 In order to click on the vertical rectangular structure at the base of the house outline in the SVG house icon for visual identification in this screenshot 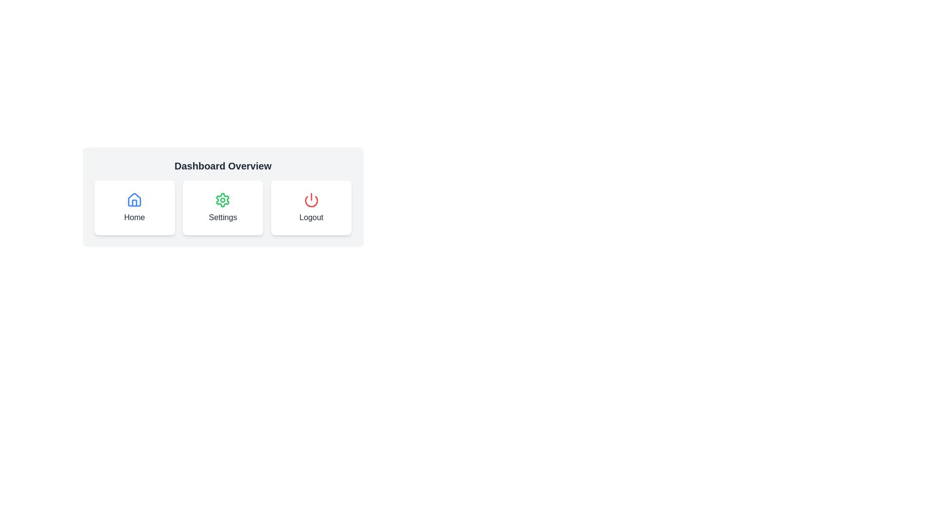, I will do `click(134, 202)`.